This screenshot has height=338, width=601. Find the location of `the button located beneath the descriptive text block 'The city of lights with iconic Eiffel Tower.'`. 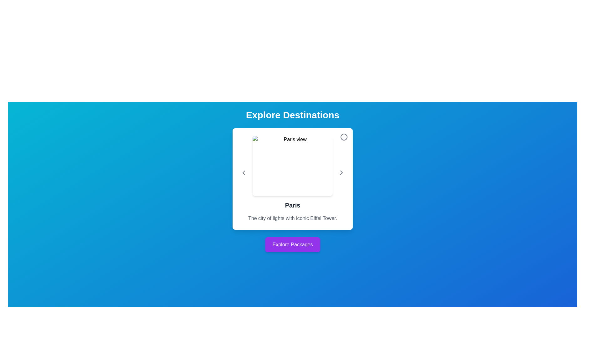

the button located beneath the descriptive text block 'The city of lights with iconic Eiffel Tower.' is located at coordinates (292, 244).